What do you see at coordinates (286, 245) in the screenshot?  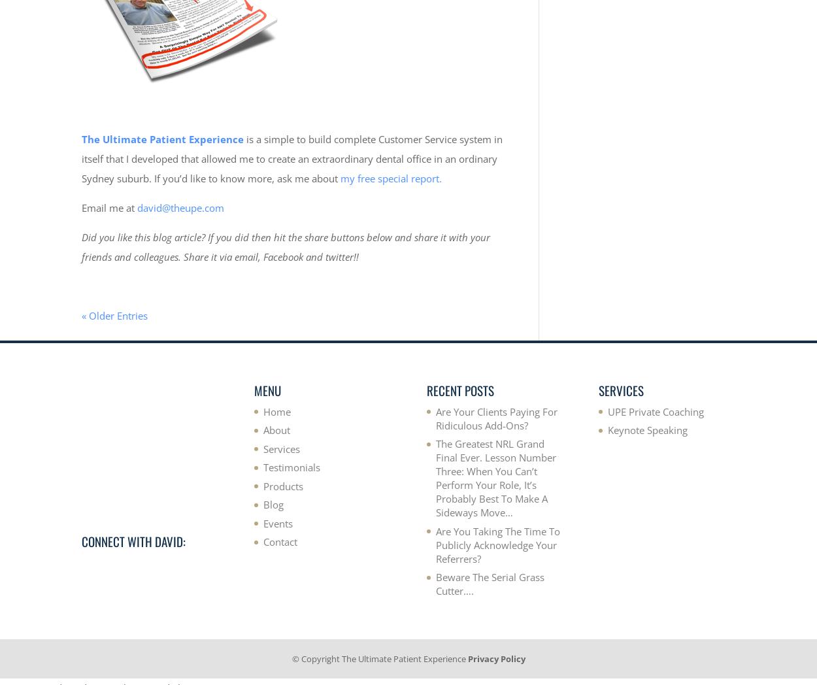 I see `'Did you like this blog article? If you did then hit the share buttons below and share it with your friends and colleagues. Share it via email, Facebook and twitter!!'` at bounding box center [286, 245].